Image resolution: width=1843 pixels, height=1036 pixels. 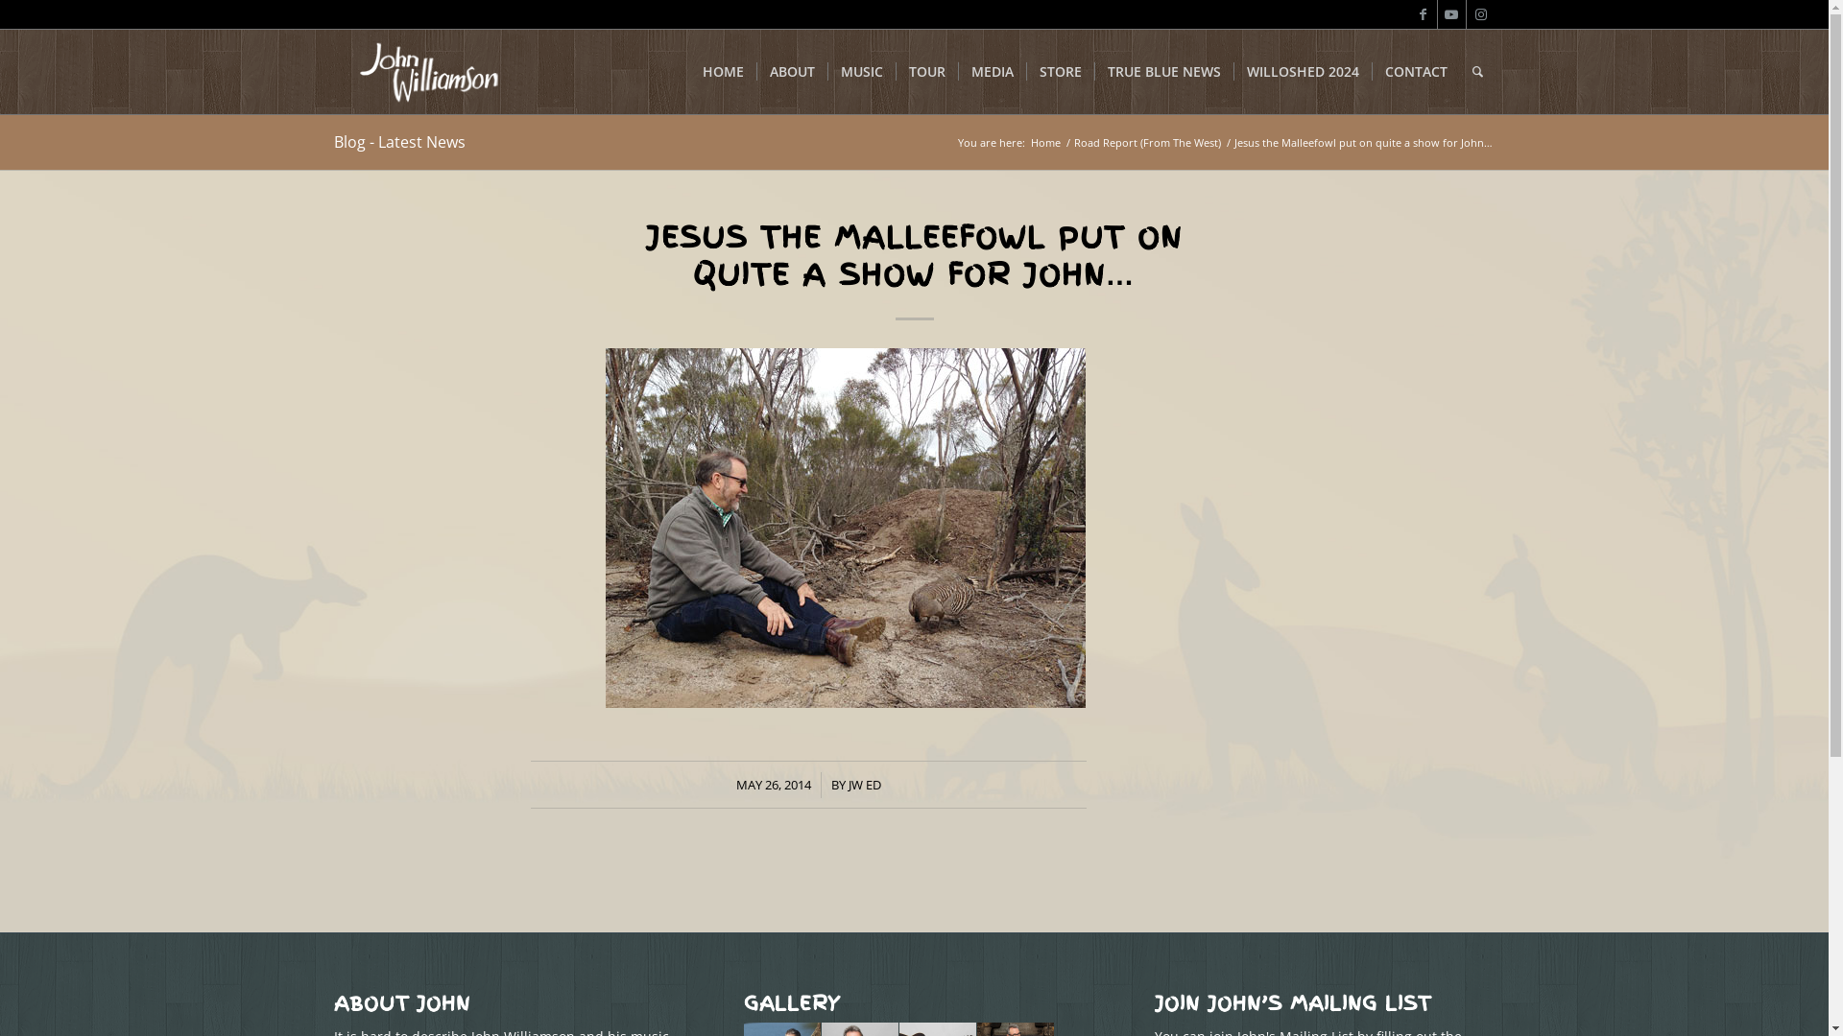 What do you see at coordinates (925, 70) in the screenshot?
I see `'TOUR'` at bounding box center [925, 70].